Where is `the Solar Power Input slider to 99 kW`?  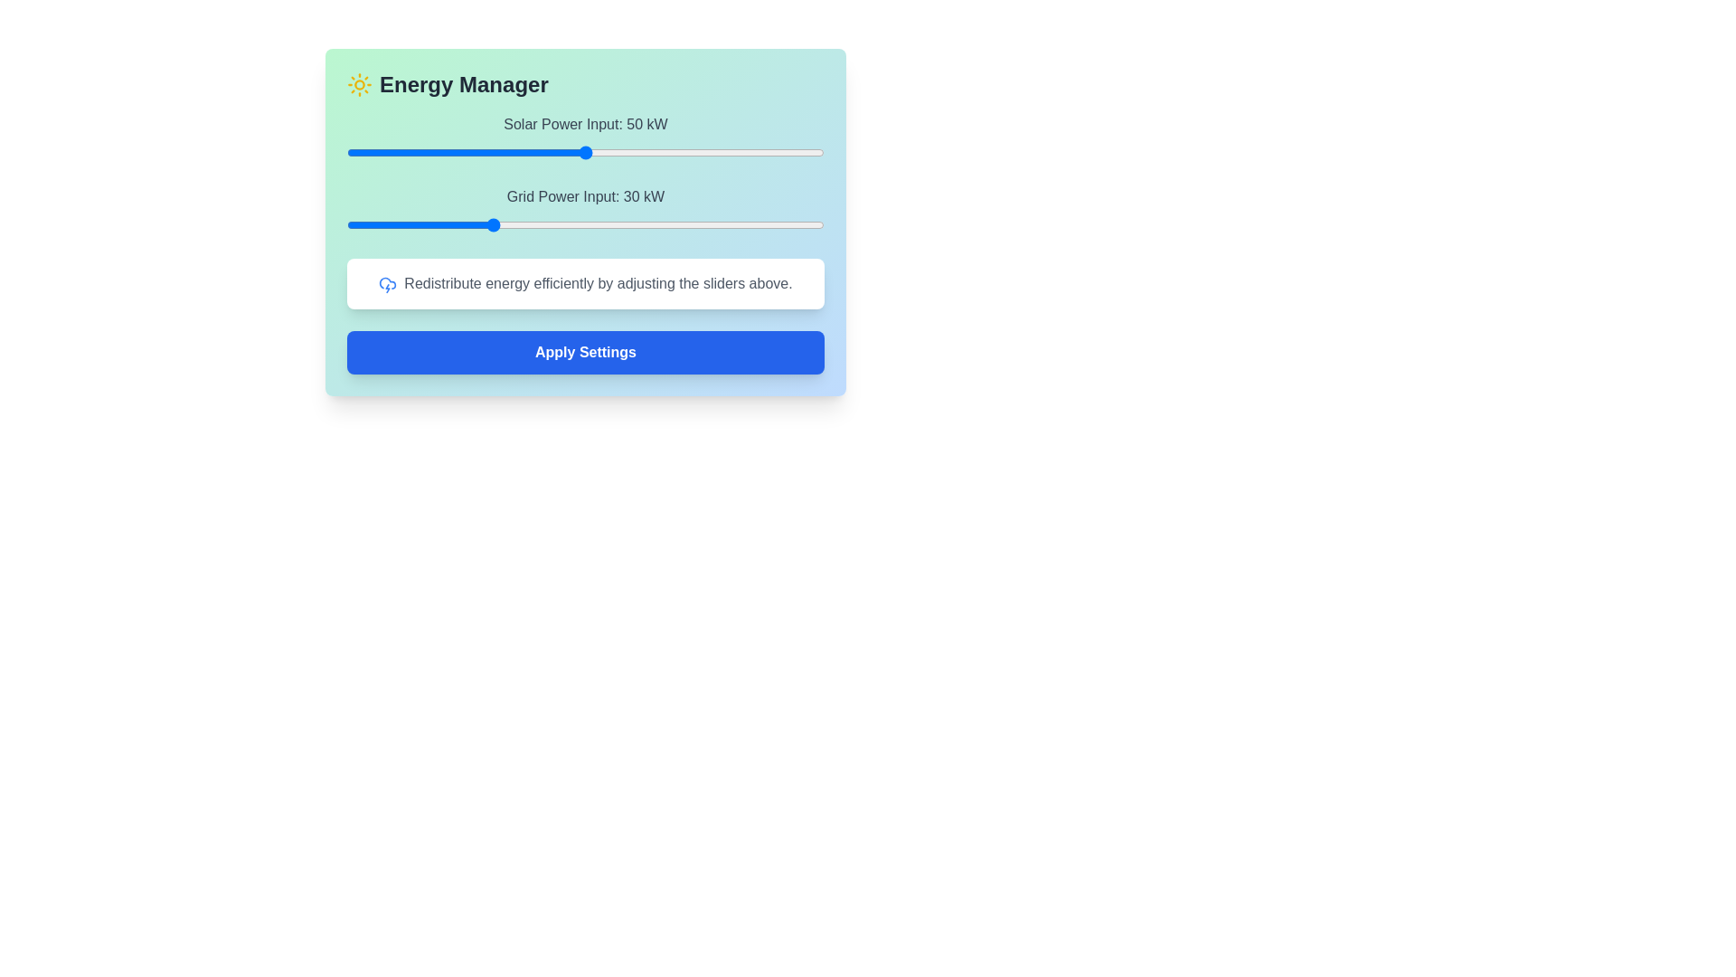
the Solar Power Input slider to 99 kW is located at coordinates (818, 152).